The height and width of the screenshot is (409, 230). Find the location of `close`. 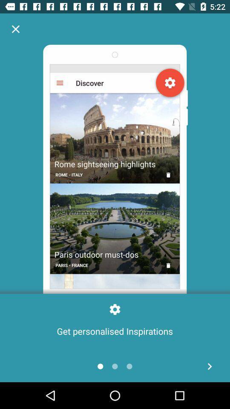

close is located at coordinates (15, 29).